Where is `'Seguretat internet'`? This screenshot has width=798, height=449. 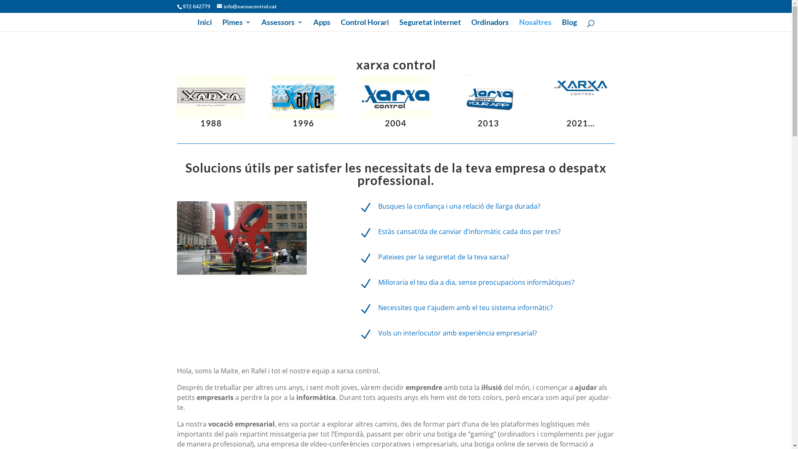 'Seguretat internet' is located at coordinates (399, 25).